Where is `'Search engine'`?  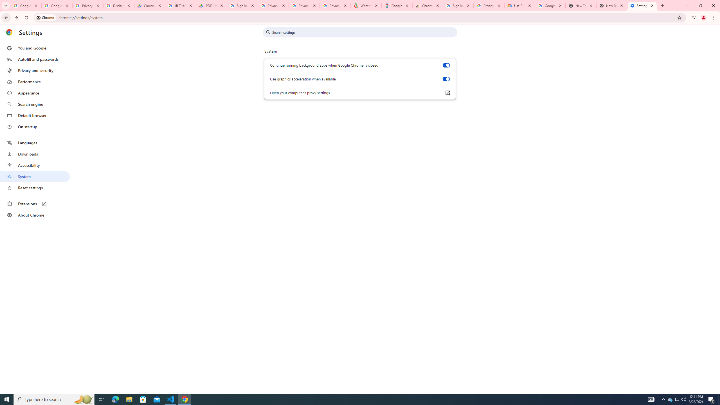
'Search engine' is located at coordinates (35, 104).